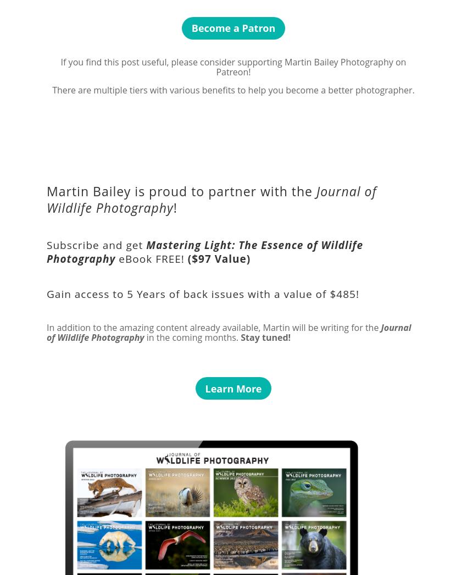  What do you see at coordinates (219, 257) in the screenshot?
I see `'($97 Value)'` at bounding box center [219, 257].